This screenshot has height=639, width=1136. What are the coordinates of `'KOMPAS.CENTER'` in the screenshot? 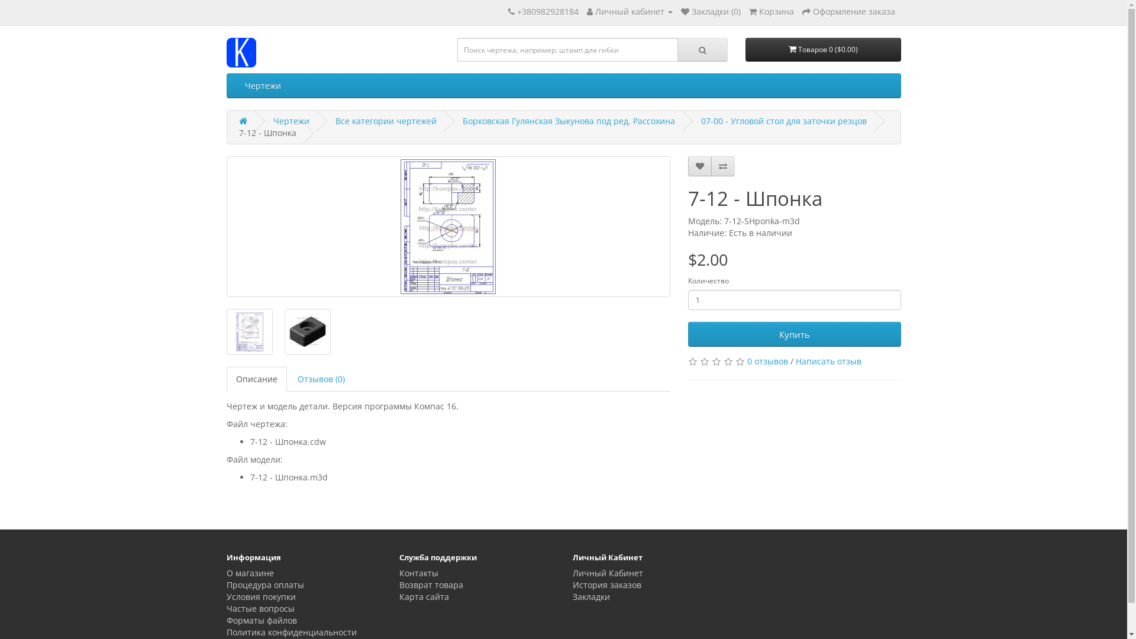 It's located at (226, 51).